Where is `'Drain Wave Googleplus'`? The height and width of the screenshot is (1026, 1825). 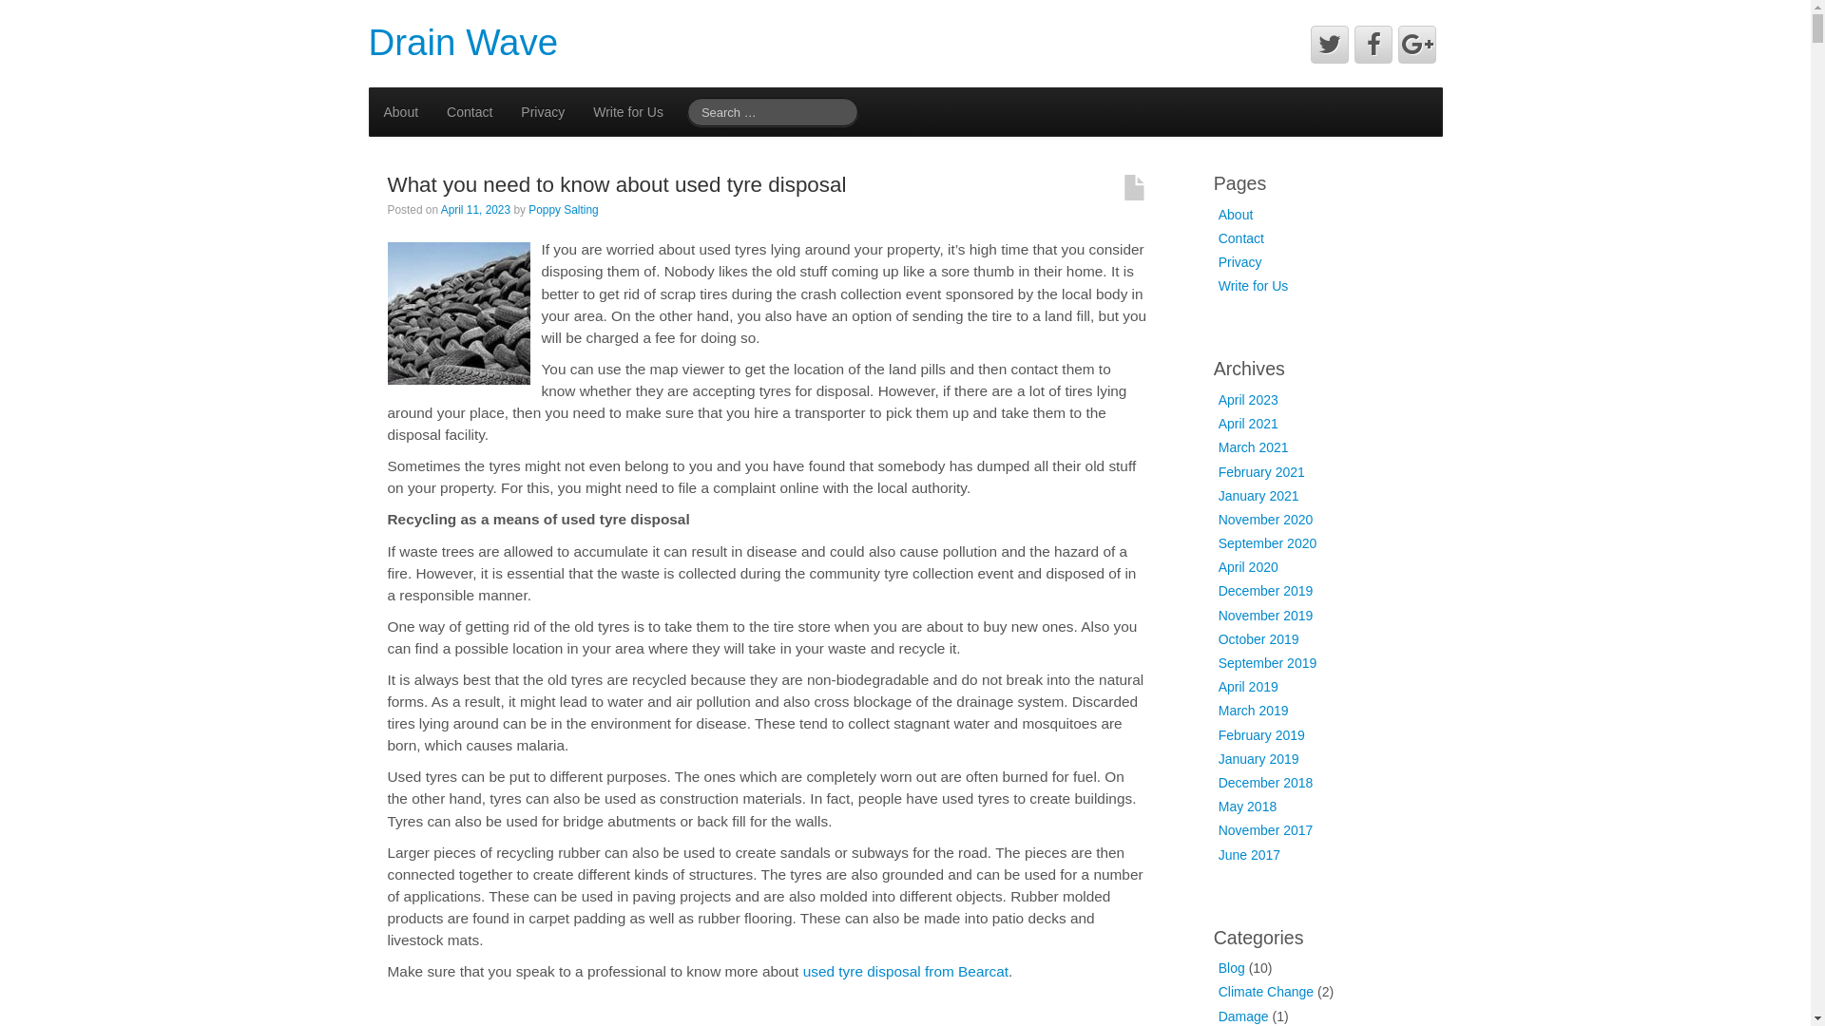
'Drain Wave Googleplus' is located at coordinates (1417, 43).